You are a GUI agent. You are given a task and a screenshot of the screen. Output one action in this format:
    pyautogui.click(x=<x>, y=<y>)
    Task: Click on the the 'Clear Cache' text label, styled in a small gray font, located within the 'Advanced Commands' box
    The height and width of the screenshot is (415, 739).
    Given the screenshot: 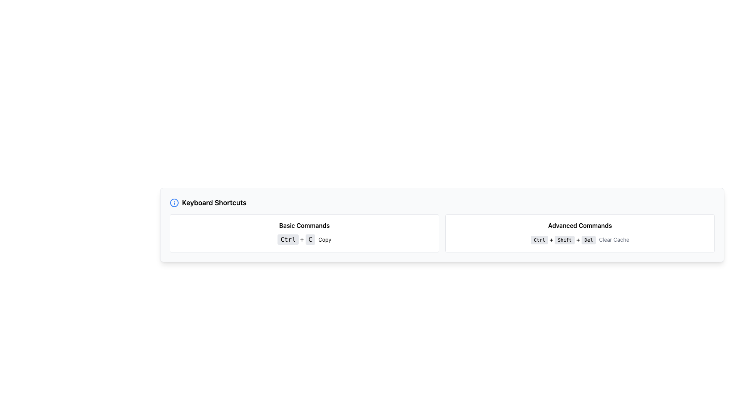 What is the action you would take?
    pyautogui.click(x=614, y=239)
    